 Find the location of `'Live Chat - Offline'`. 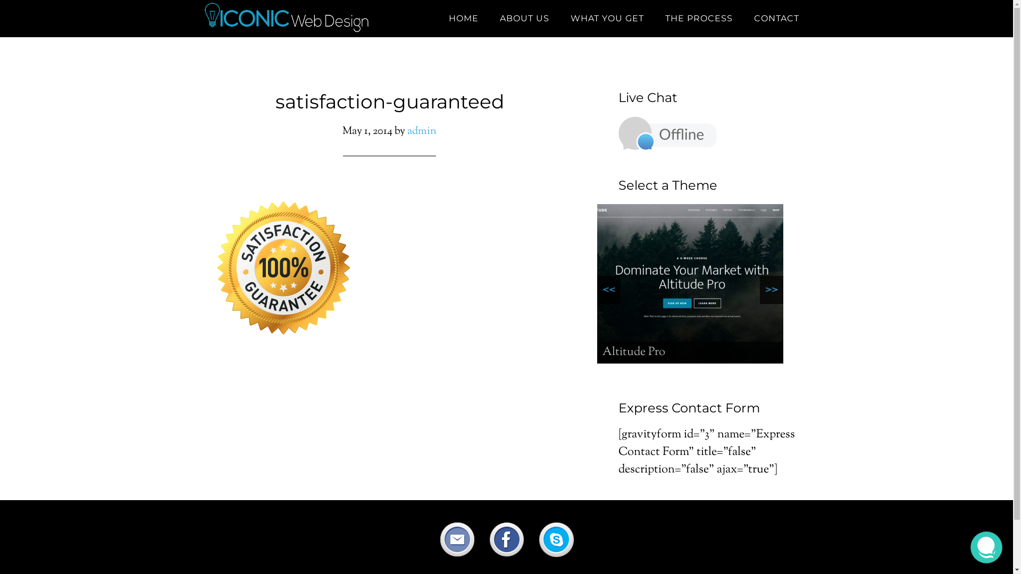

'Live Chat - Offline' is located at coordinates (666, 132).